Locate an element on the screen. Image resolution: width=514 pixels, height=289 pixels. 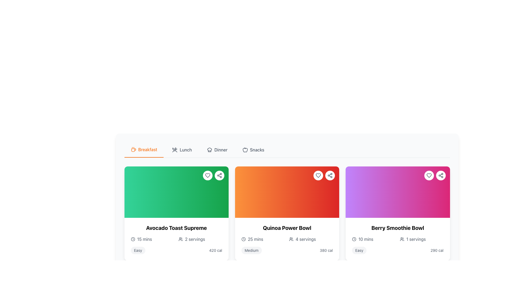
the favorite action icon located in the top-right corner of the 'Berry Smoothie Bowl' card, adjacent to the share icon is located at coordinates (429, 175).